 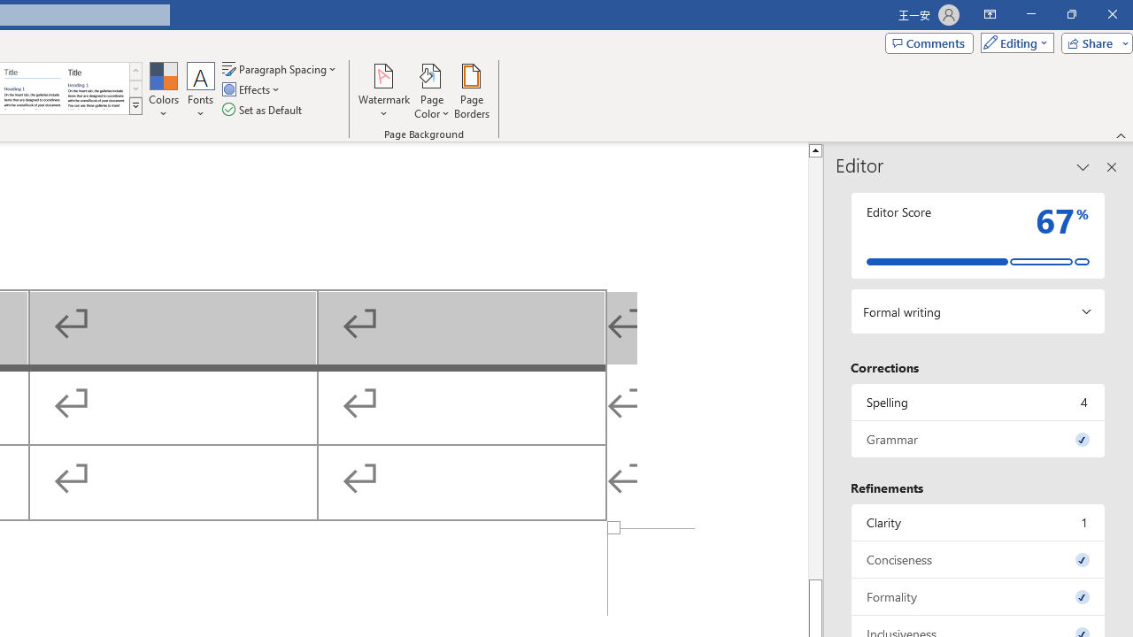 I want to click on 'Word 2013', so click(x=95, y=88).